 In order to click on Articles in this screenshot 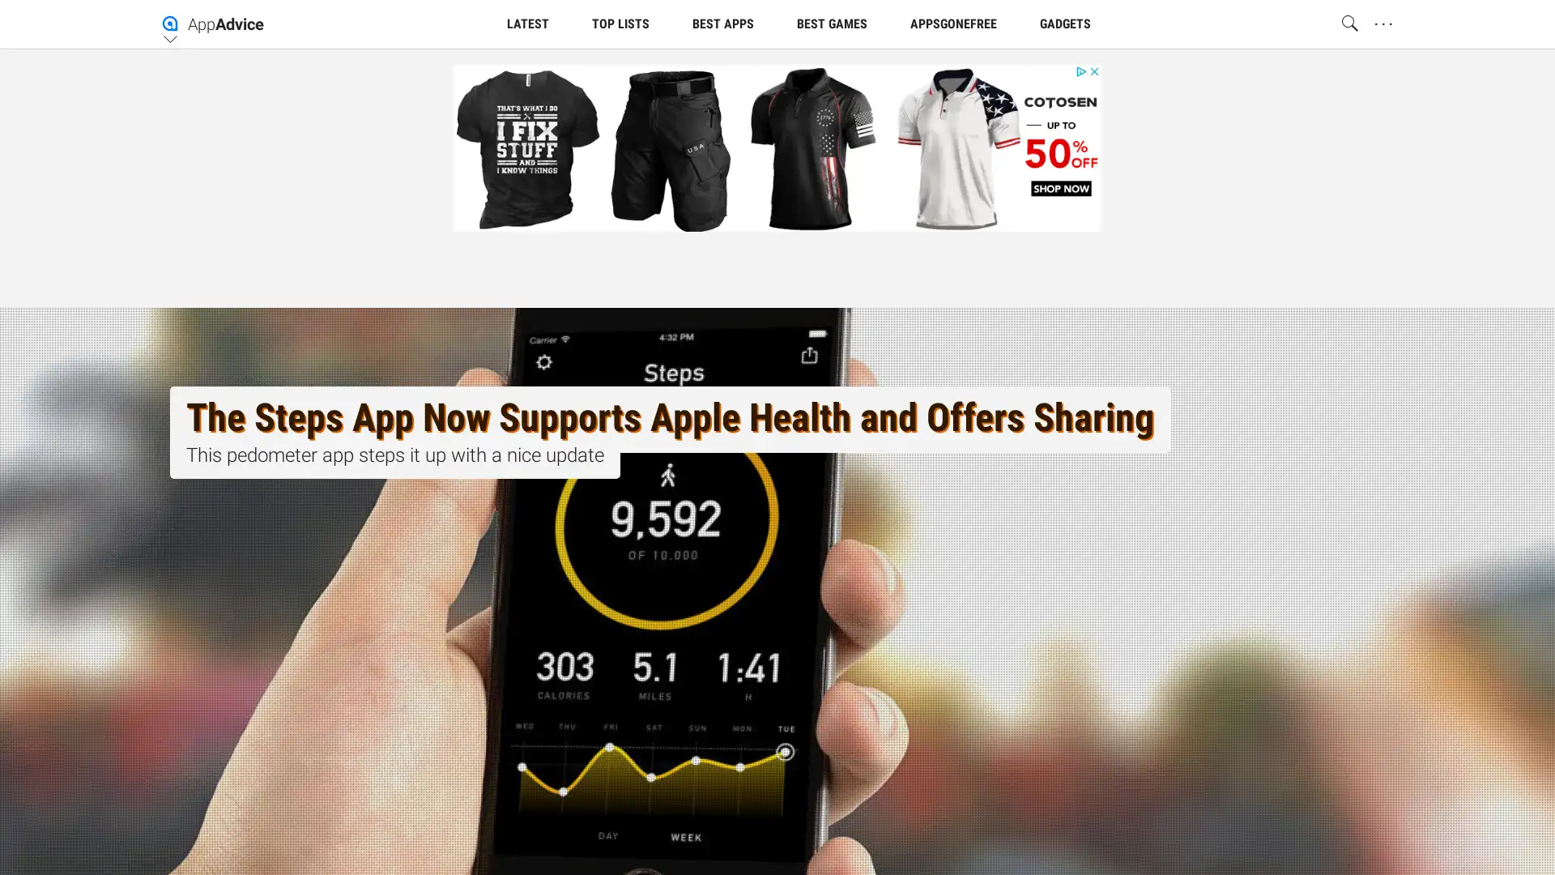, I will do `click(543, 152)`.